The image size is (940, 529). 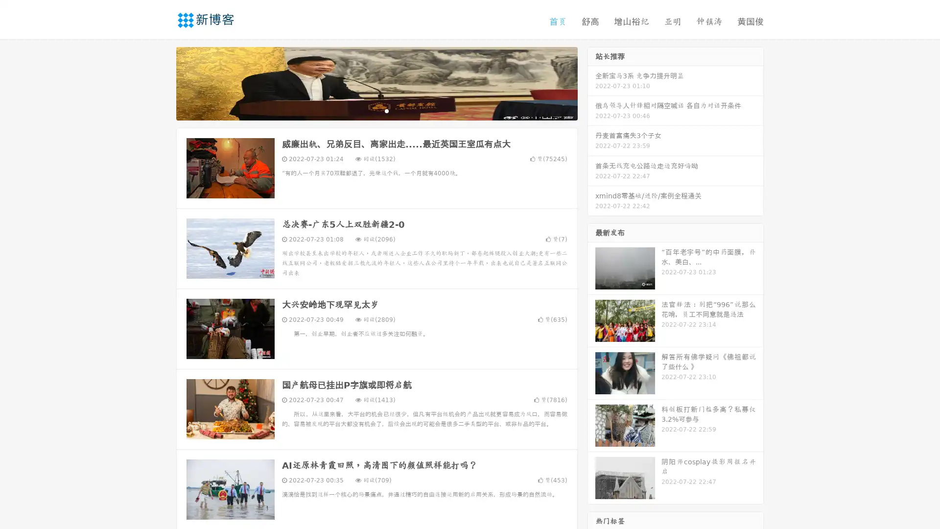 What do you see at coordinates (376, 110) in the screenshot?
I see `Go to slide 2` at bounding box center [376, 110].